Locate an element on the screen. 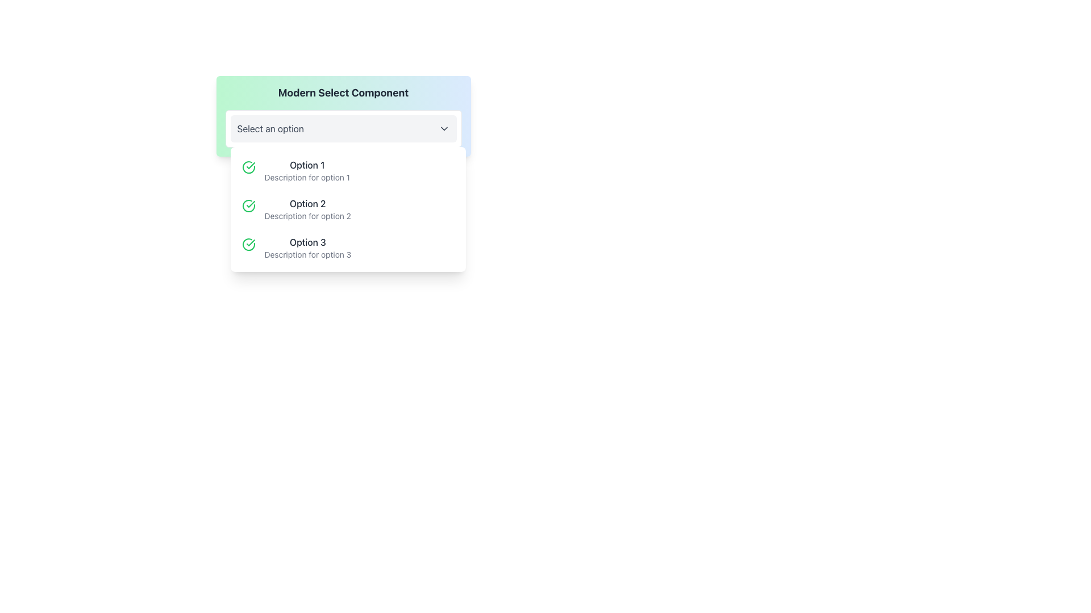 The width and height of the screenshot is (1091, 613). the option labeled 'Option 3' by clicking on it in the dropdown menu 'Modern Select Component' is located at coordinates (347, 247).